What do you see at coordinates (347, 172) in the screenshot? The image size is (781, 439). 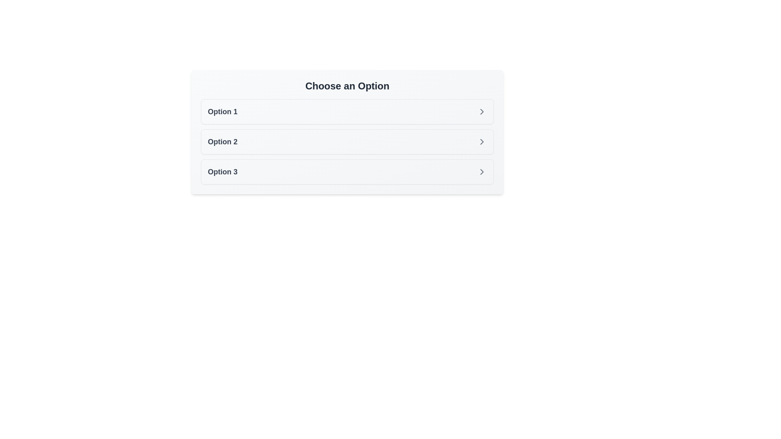 I see `the selectable list item labeled 'Option 3'` at bounding box center [347, 172].